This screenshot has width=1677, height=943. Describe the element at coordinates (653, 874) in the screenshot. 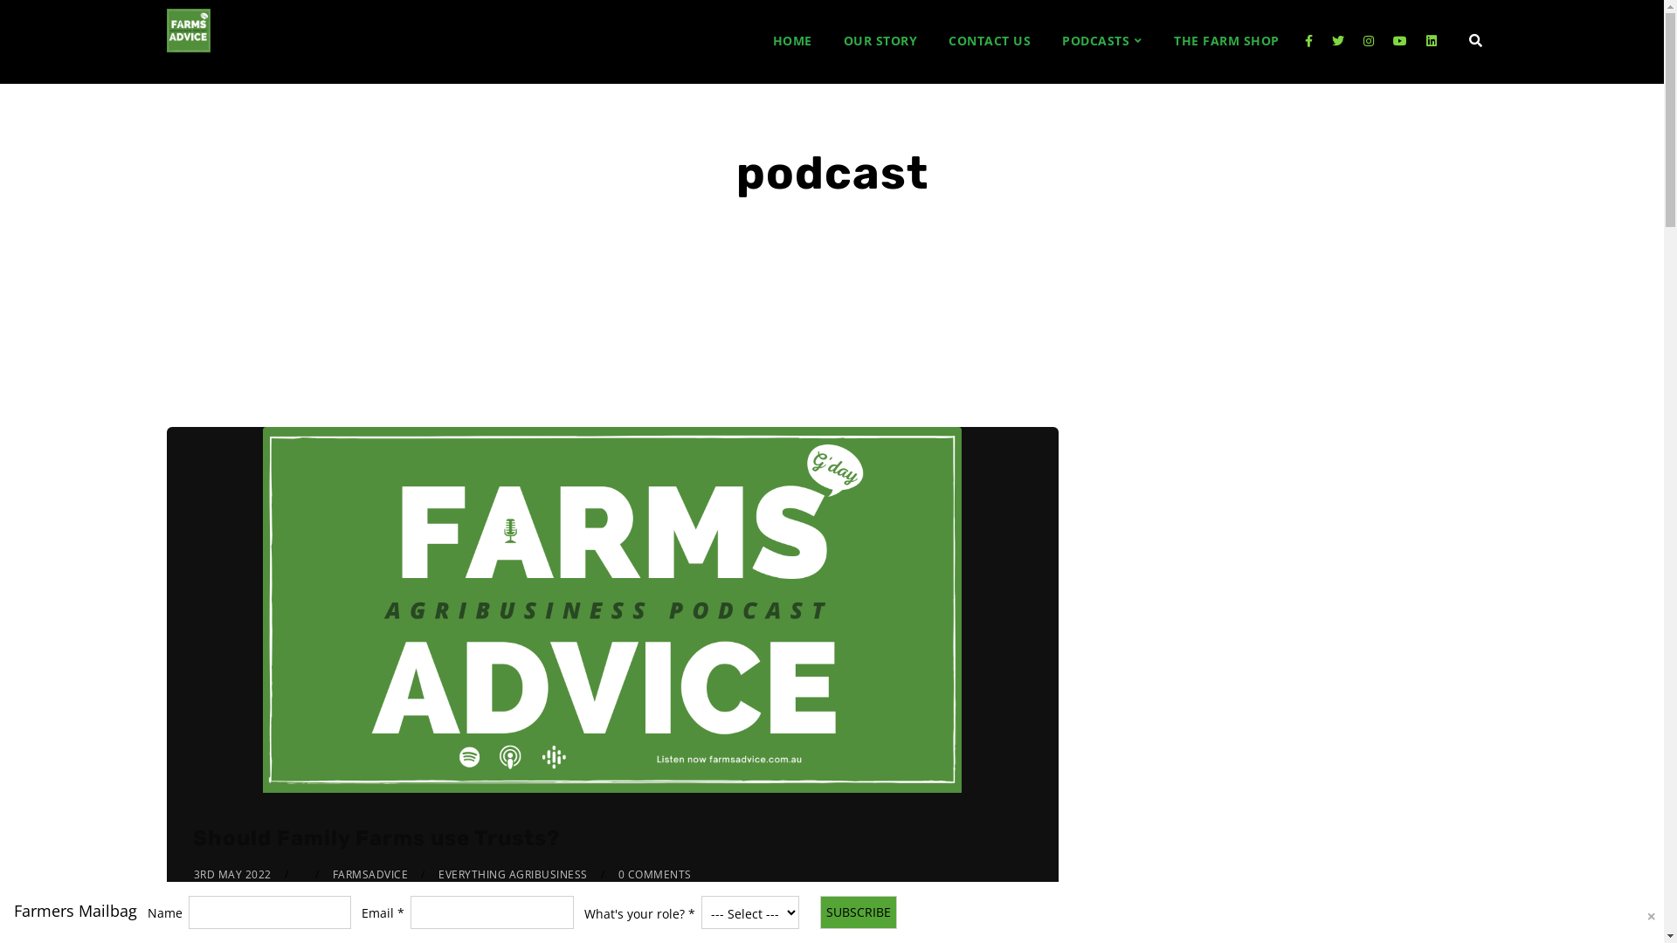

I see `'0 COMMENTS'` at that location.